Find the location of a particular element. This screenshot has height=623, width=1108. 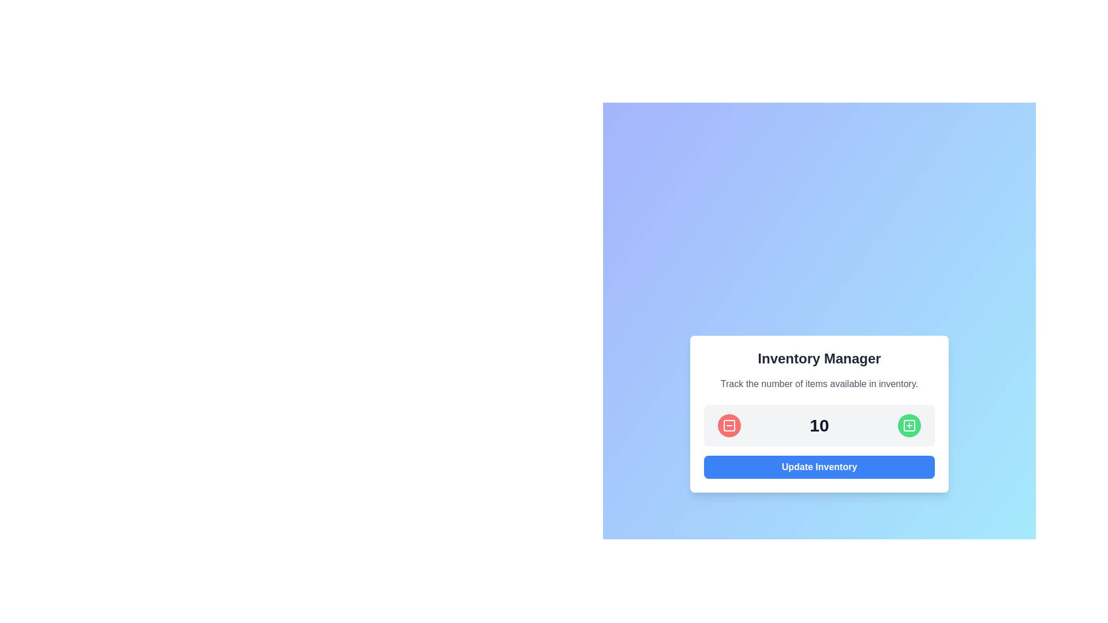

the increment button located to the right of the number '10' to increase the count is located at coordinates (908, 425).